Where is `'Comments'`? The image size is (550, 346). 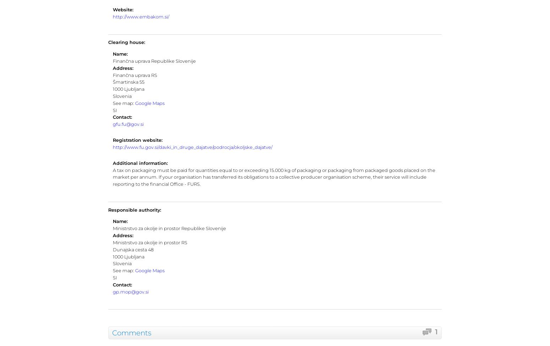
'Comments' is located at coordinates (131, 333).